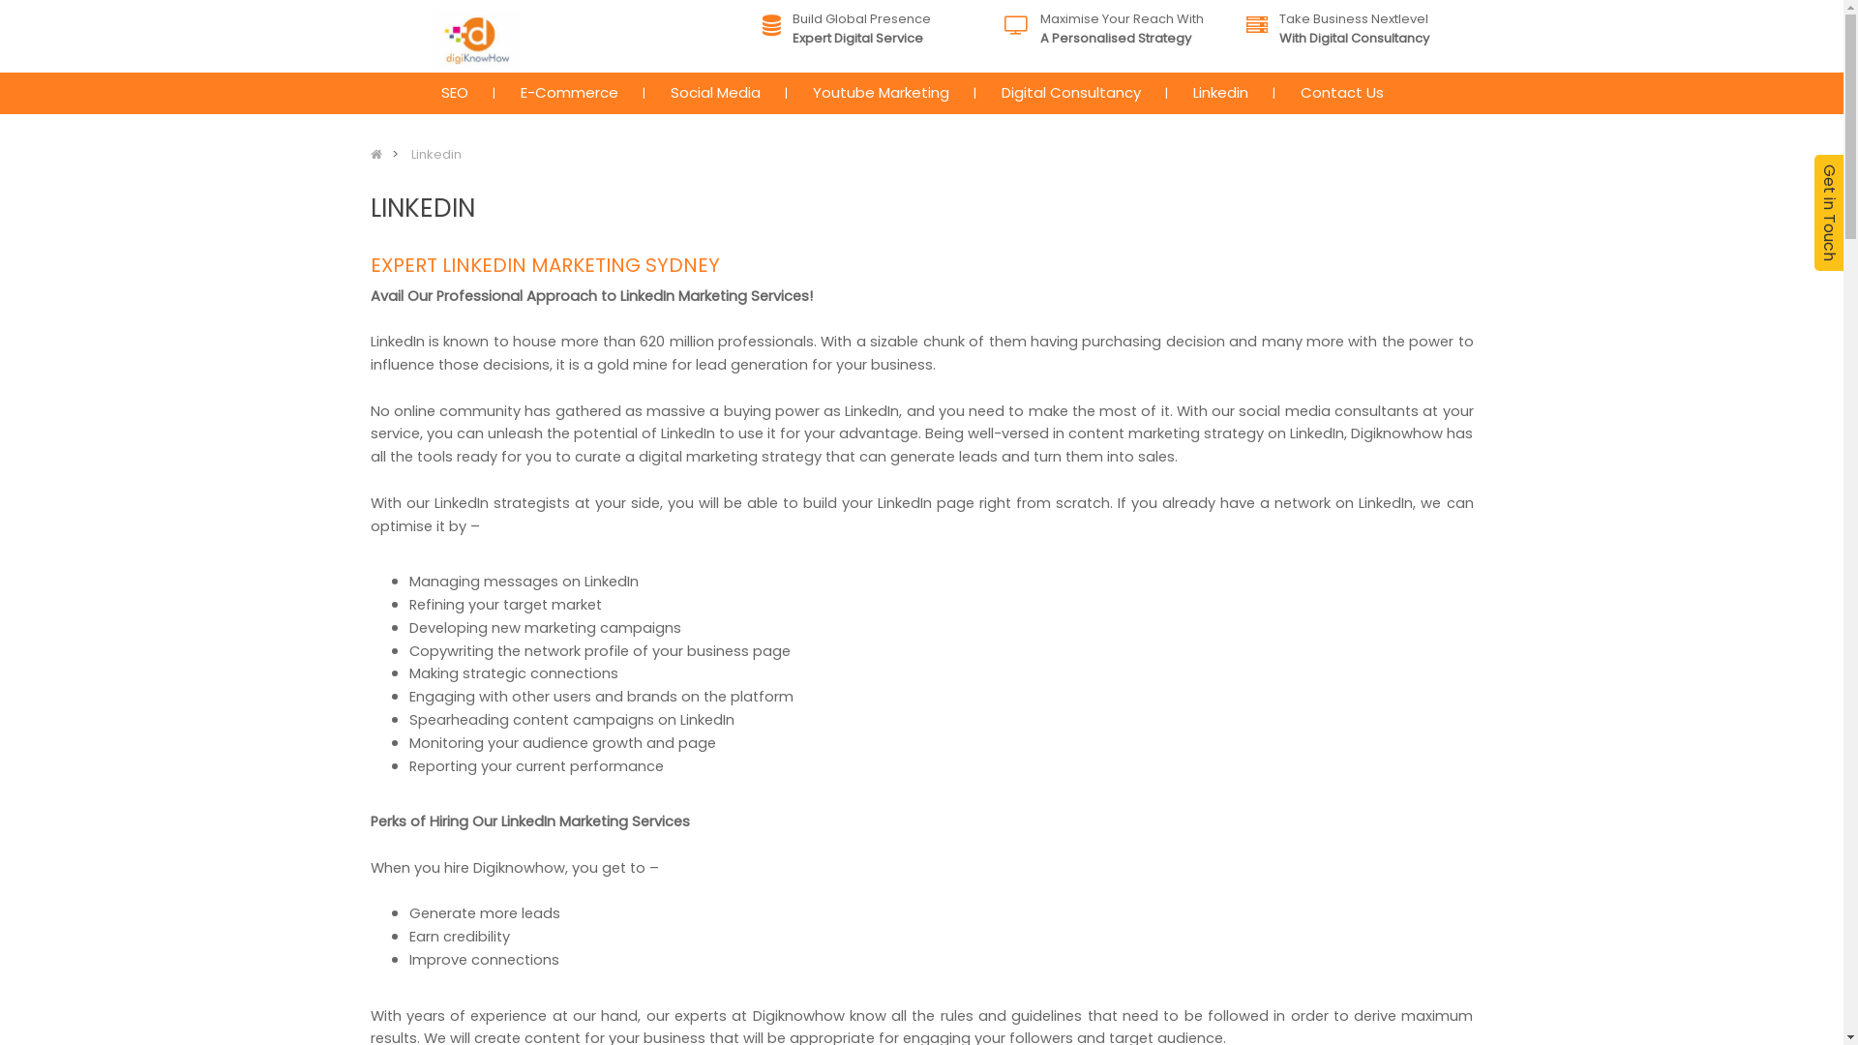 The width and height of the screenshot is (1858, 1045). Describe the element at coordinates (453, 93) in the screenshot. I see `'SEO'` at that location.